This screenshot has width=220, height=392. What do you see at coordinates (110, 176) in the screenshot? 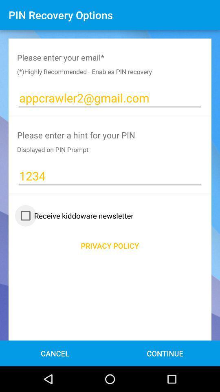
I see `1234 item` at bounding box center [110, 176].